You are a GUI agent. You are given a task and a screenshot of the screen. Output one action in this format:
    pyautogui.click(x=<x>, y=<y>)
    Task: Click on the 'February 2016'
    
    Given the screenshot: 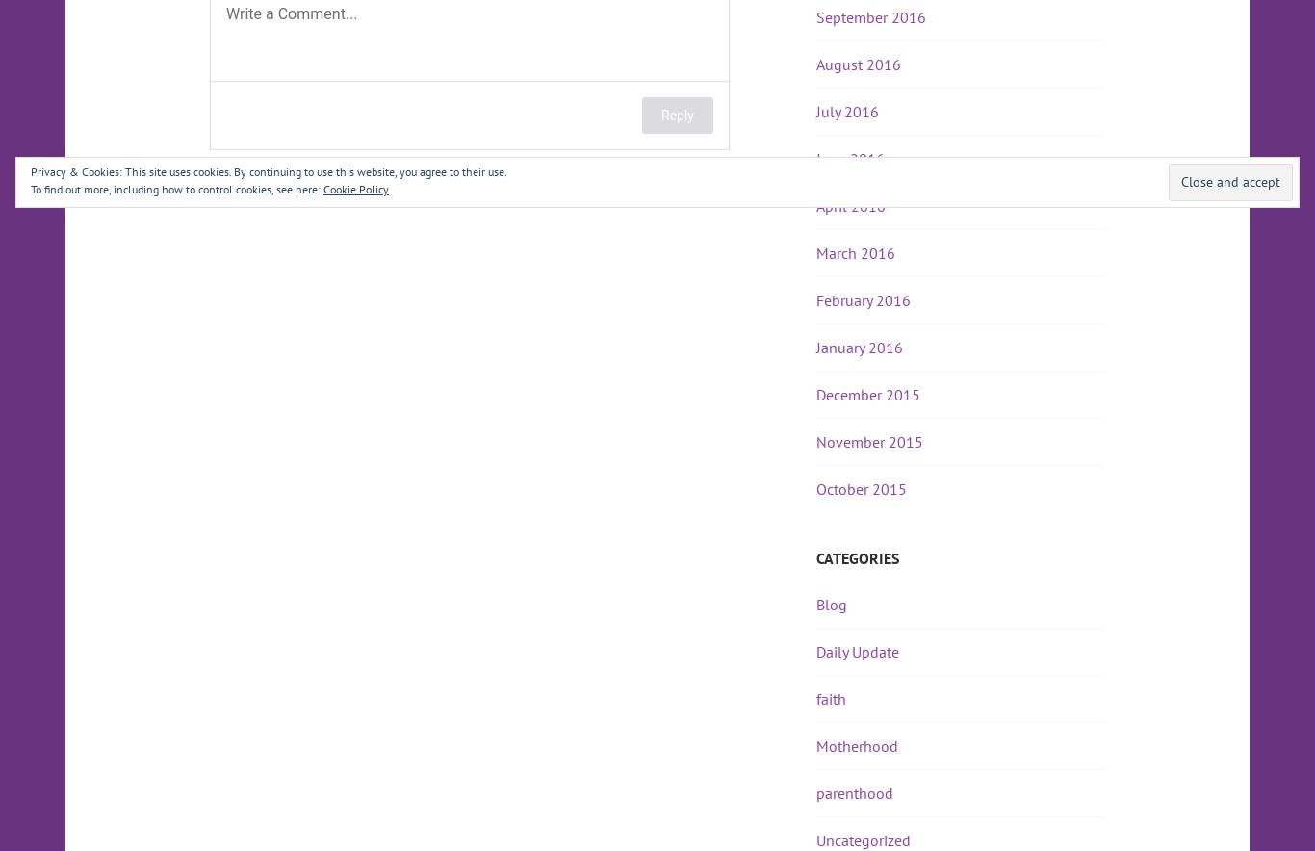 What is the action you would take?
    pyautogui.click(x=863, y=299)
    